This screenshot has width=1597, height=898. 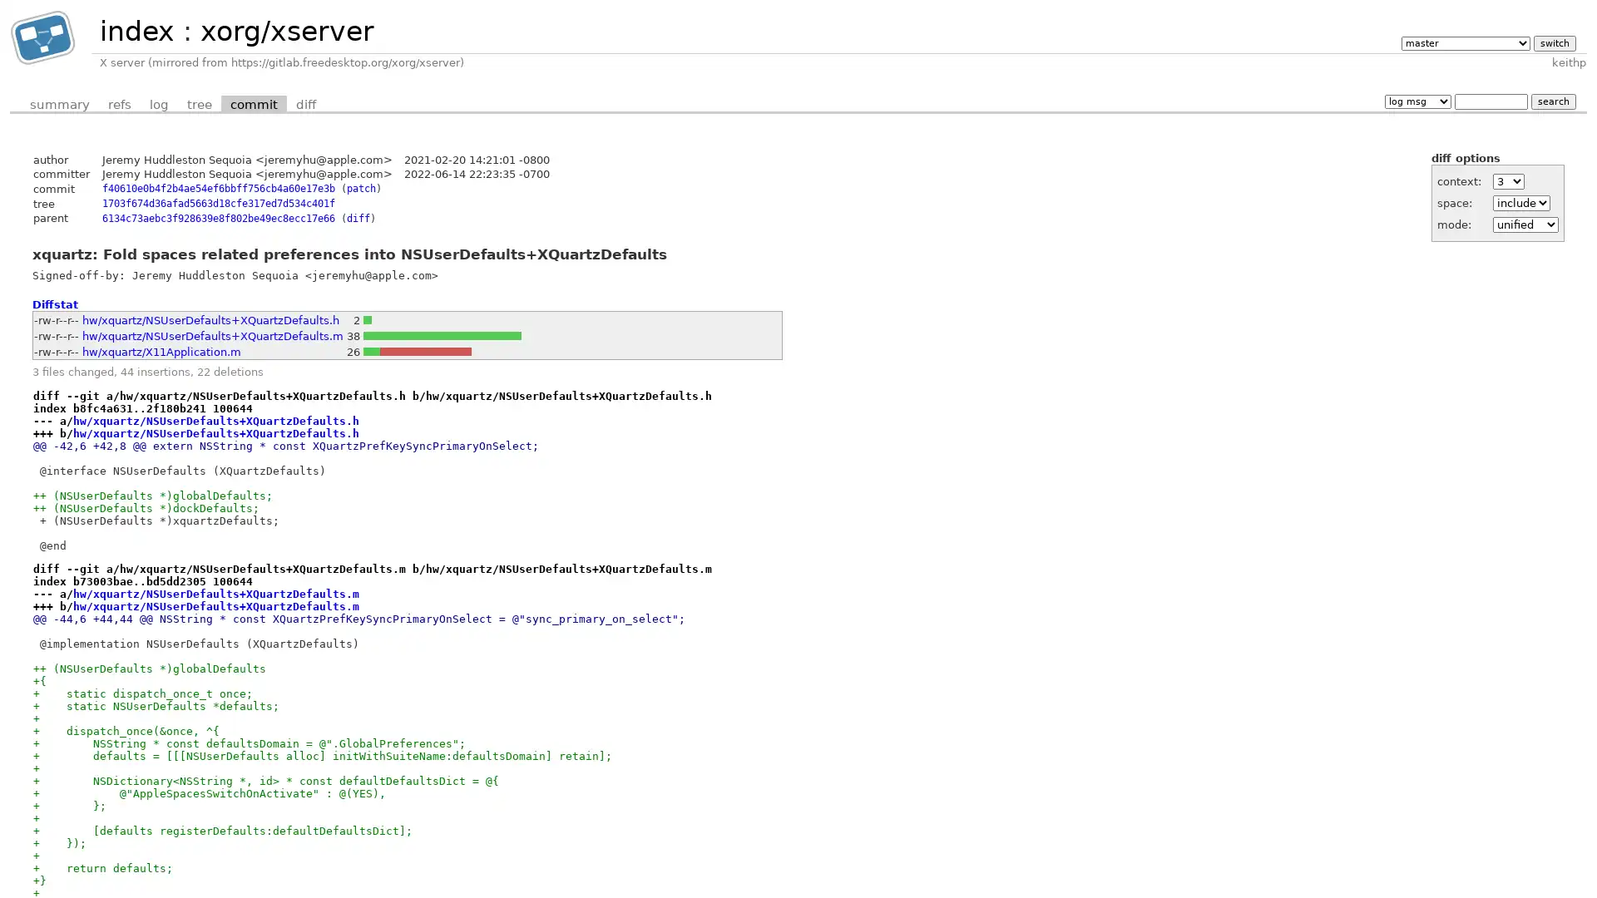 What do you see at coordinates (1552, 101) in the screenshot?
I see `search` at bounding box center [1552, 101].